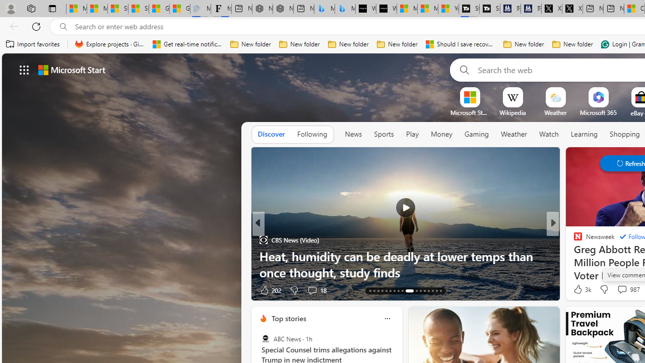 This screenshot has height=363, width=645. What do you see at coordinates (441, 134) in the screenshot?
I see `'Money'` at bounding box center [441, 134].